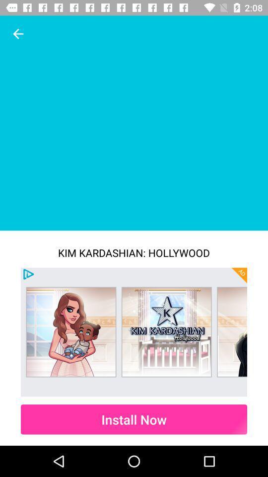 Image resolution: width=268 pixels, height=477 pixels. What do you see at coordinates (18, 34) in the screenshot?
I see `the arrow_backward icon` at bounding box center [18, 34].